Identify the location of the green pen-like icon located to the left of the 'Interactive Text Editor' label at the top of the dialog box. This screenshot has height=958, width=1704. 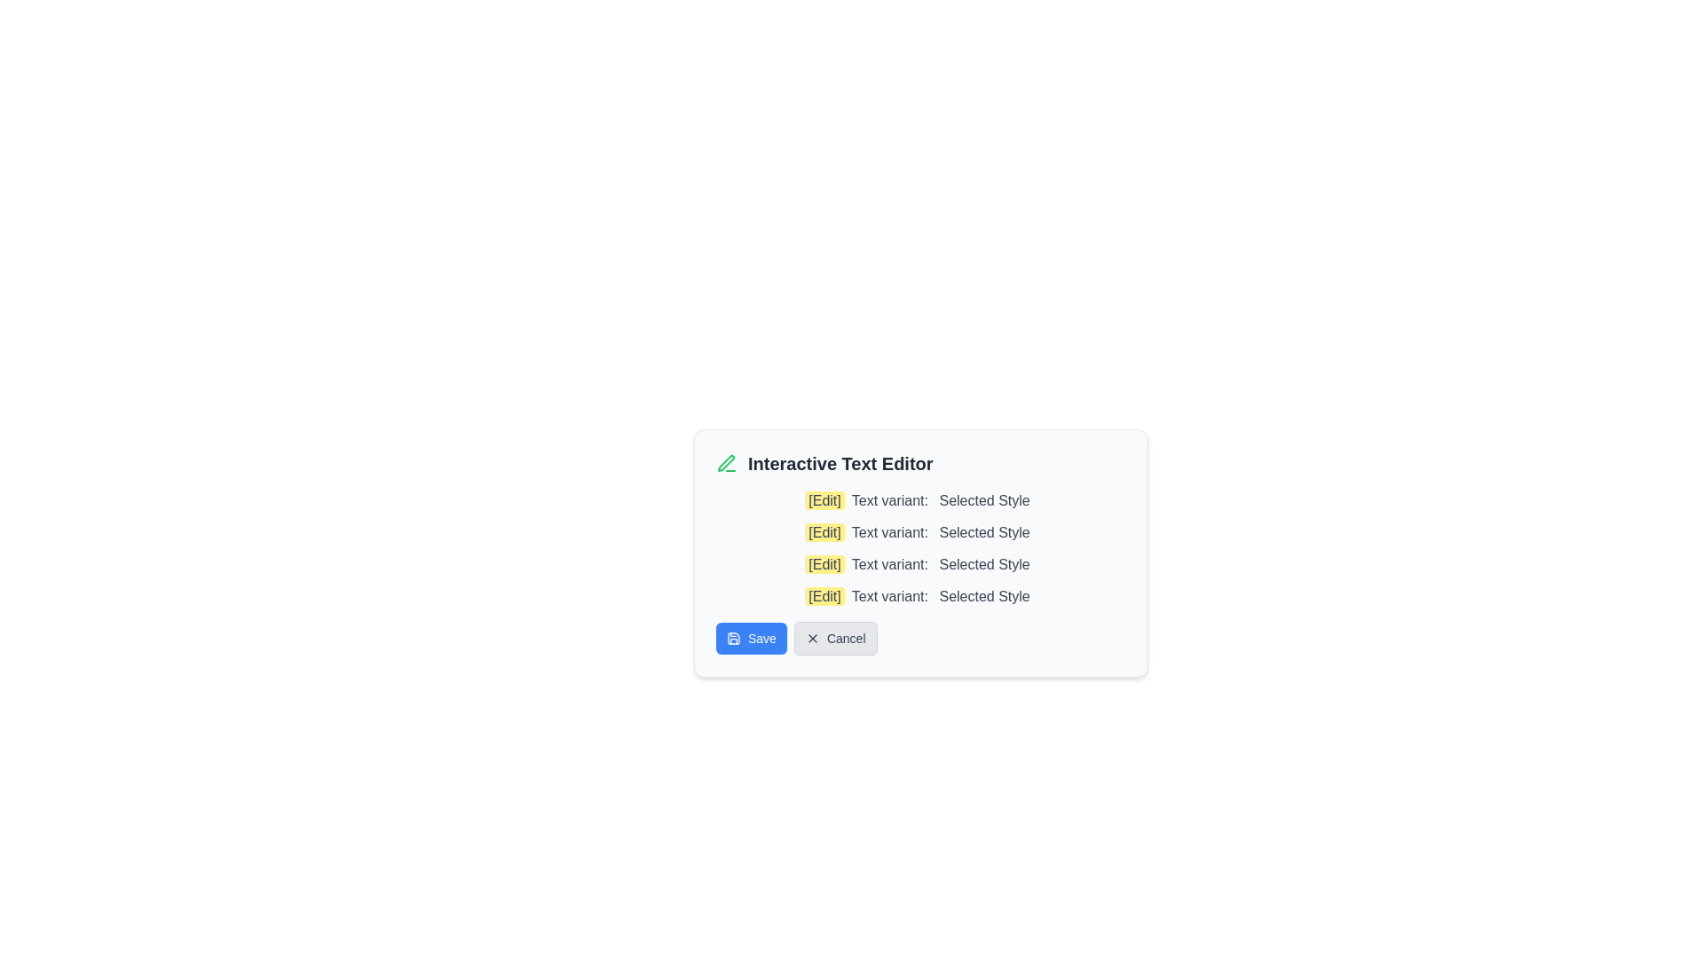
(727, 463).